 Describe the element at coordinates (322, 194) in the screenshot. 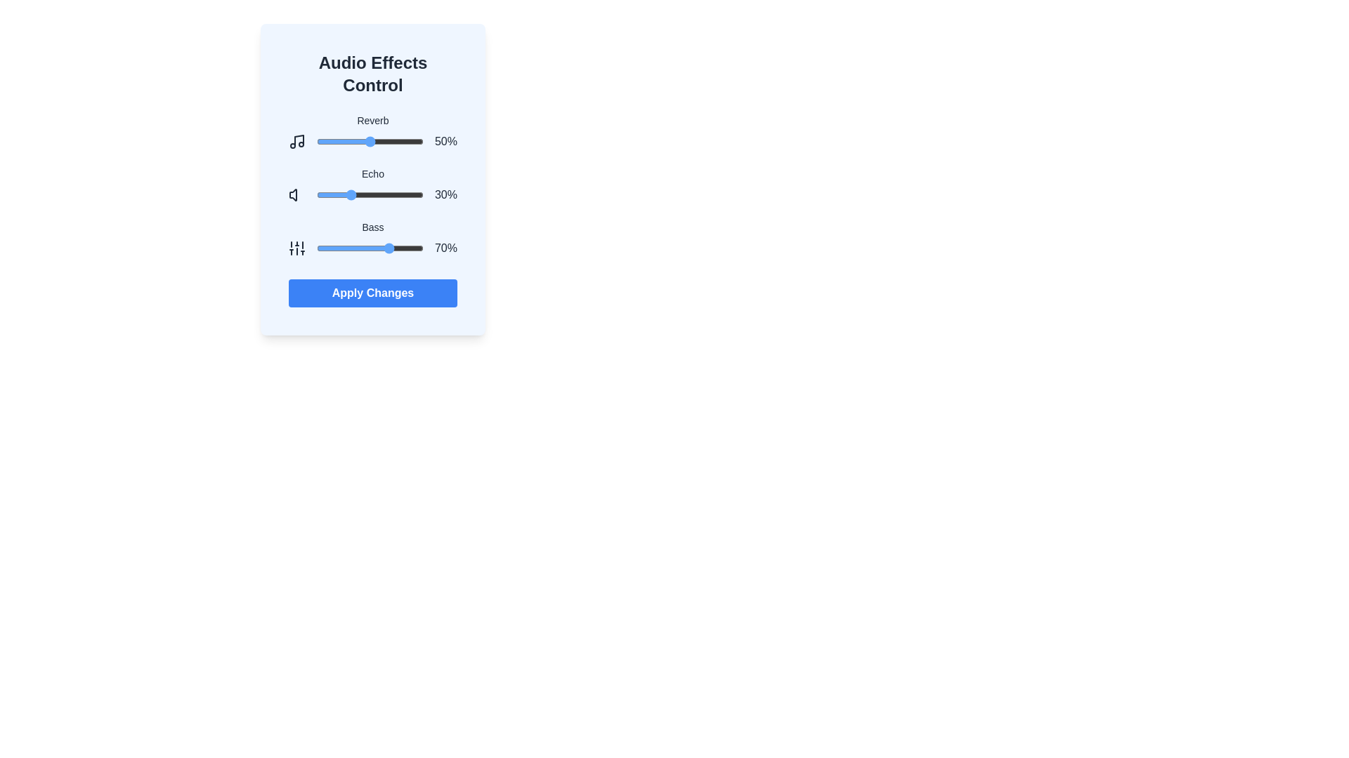

I see `Echo effect level` at that location.